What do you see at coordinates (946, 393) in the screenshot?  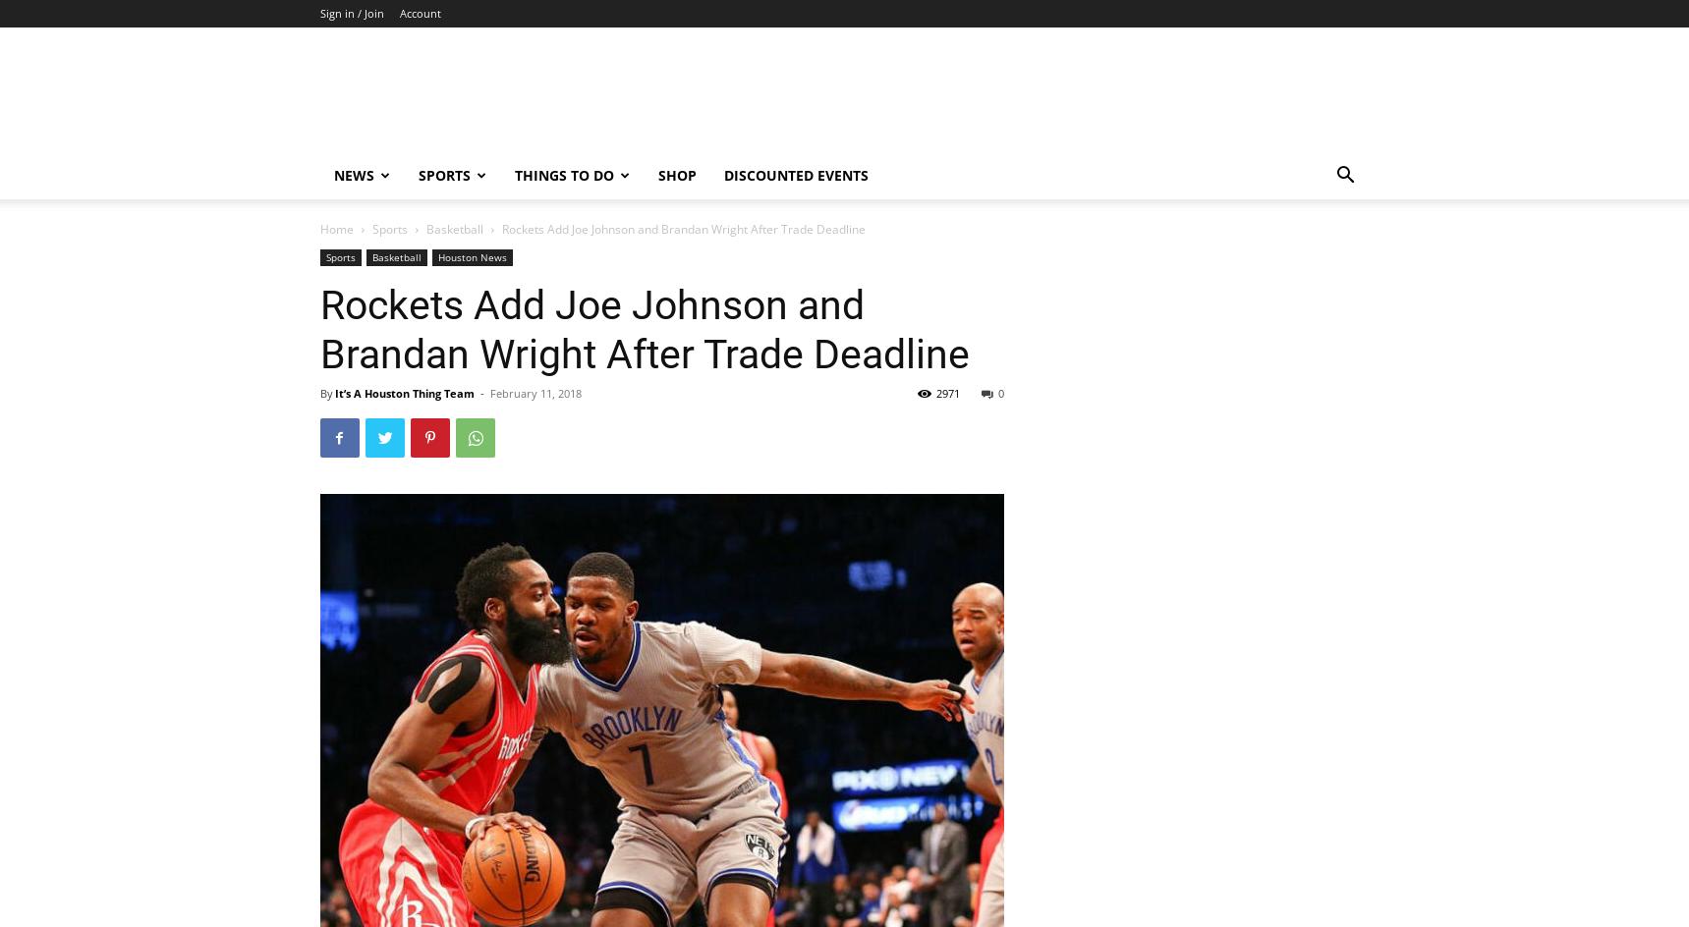 I see `'2971'` at bounding box center [946, 393].